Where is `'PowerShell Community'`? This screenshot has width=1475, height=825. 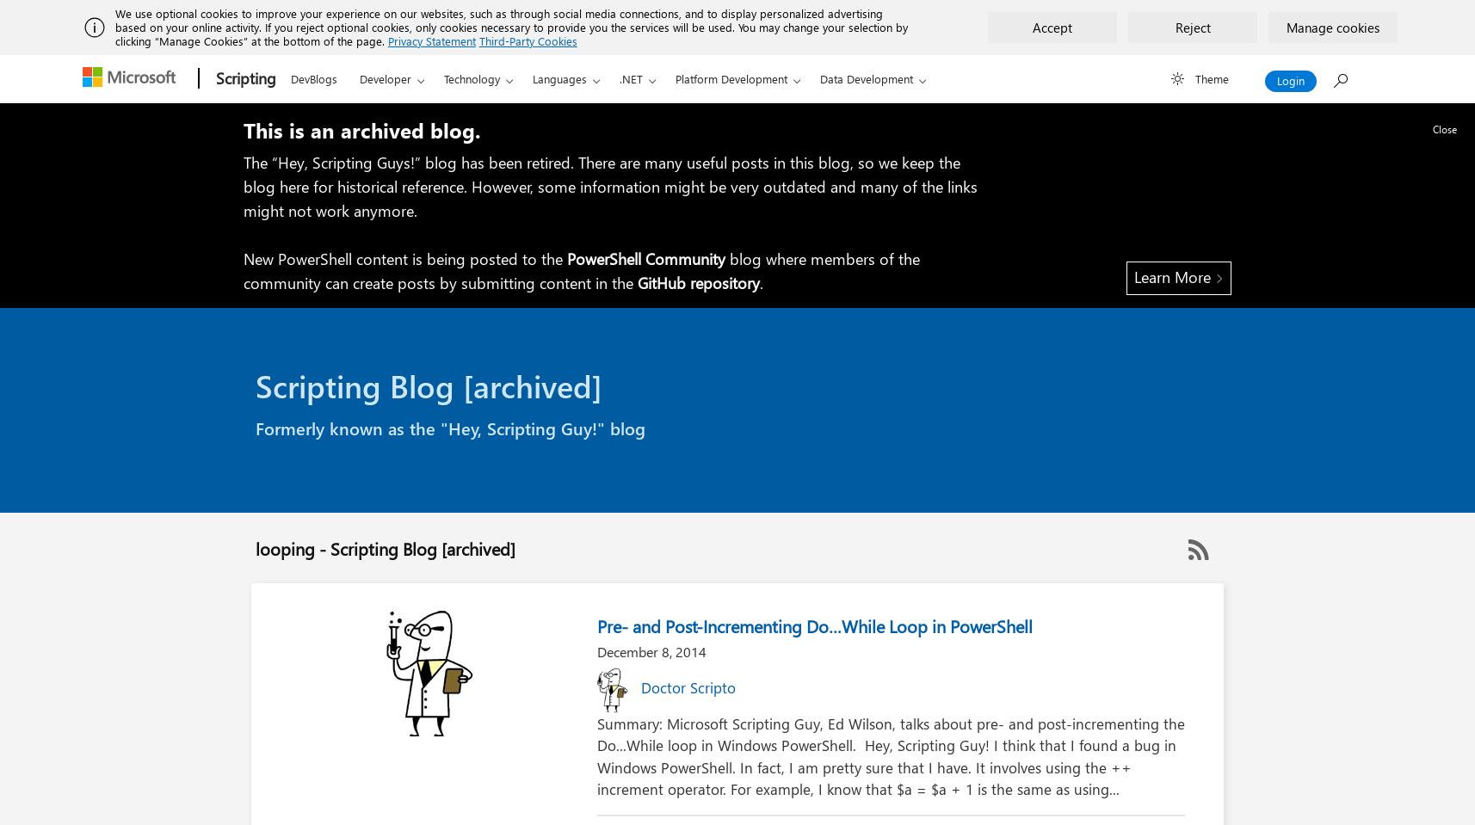
'PowerShell Community' is located at coordinates (646, 258).